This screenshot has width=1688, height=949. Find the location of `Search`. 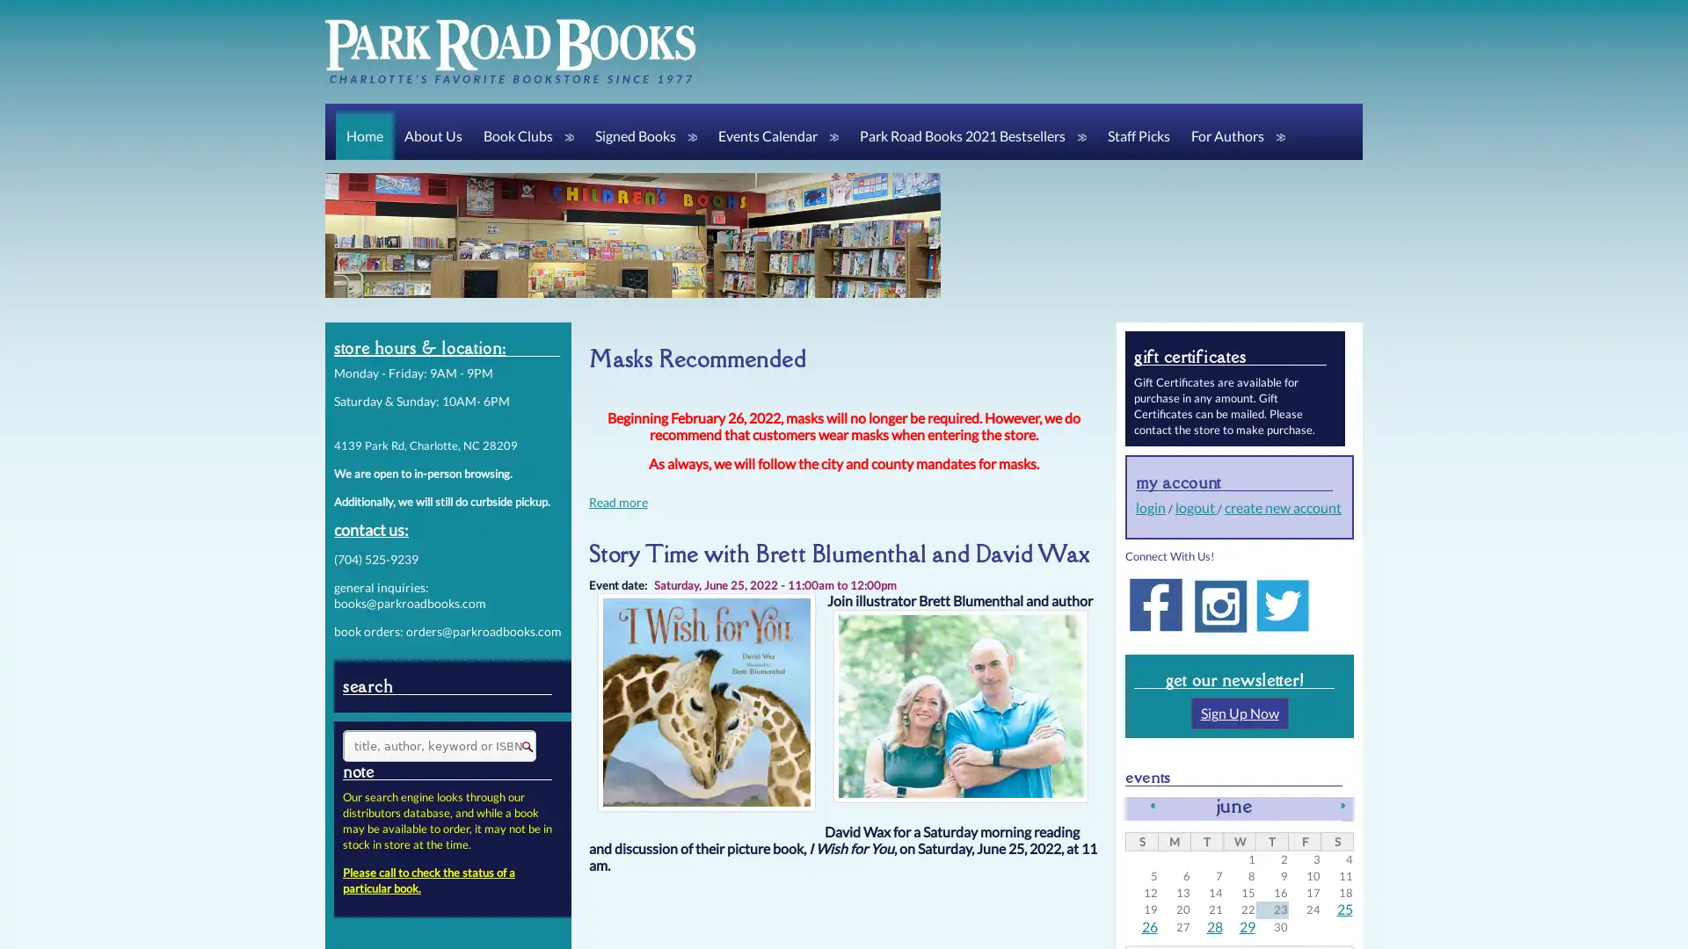

Search is located at coordinates (520, 746).